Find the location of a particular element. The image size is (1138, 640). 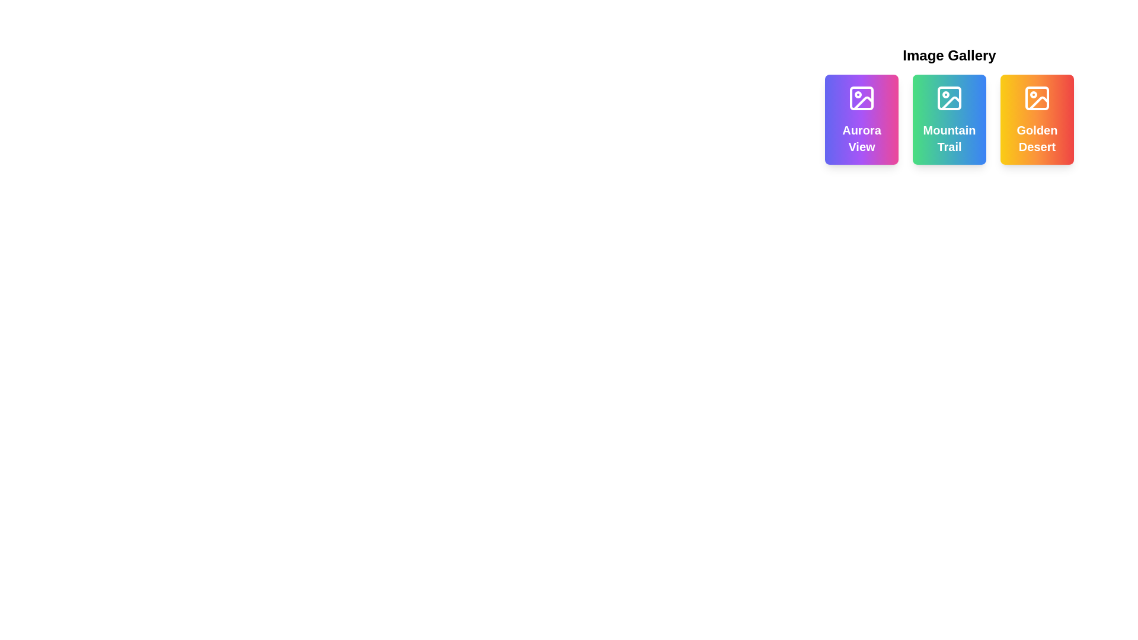

the 'Mountain Trail' clickable card is located at coordinates (950, 119).